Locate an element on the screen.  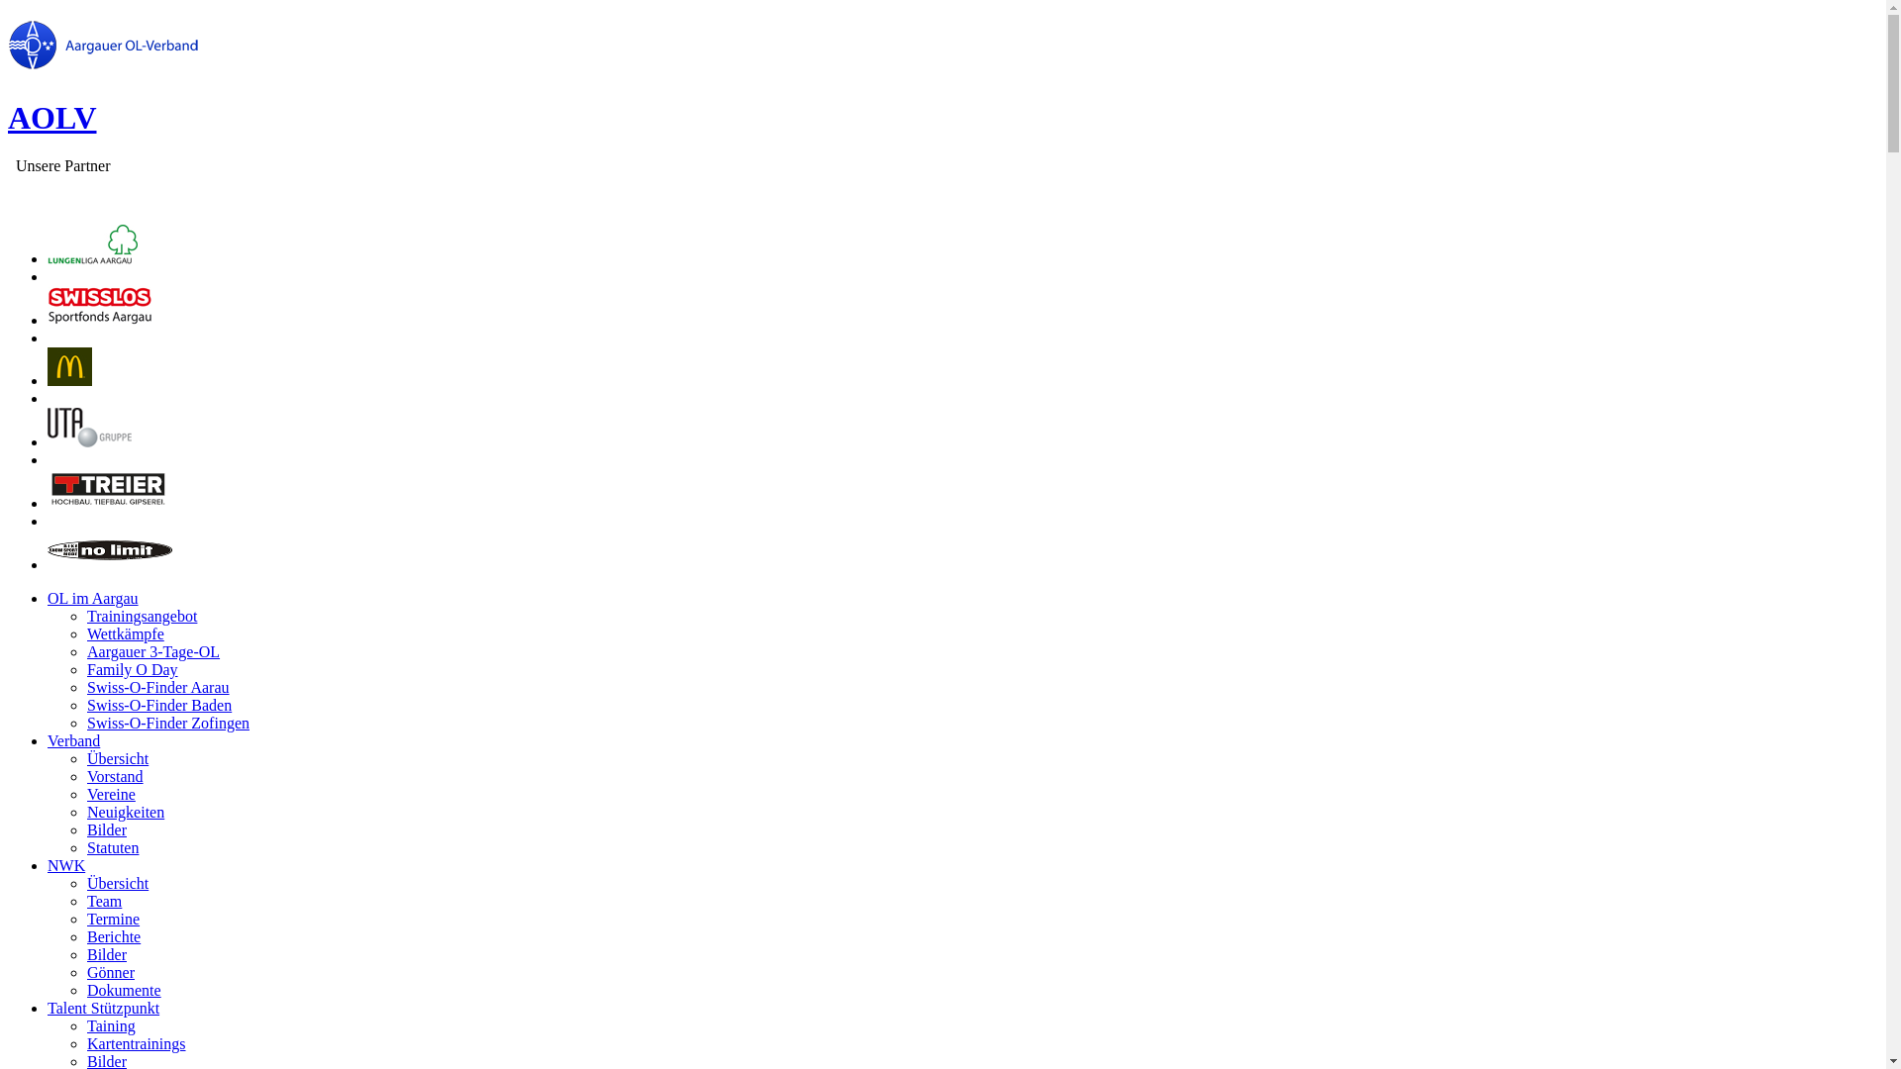
'Taining' is located at coordinates (110, 1024).